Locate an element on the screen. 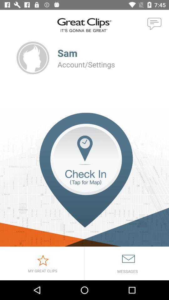 The width and height of the screenshot is (169, 300). icon at the top right corner is located at coordinates (154, 24).